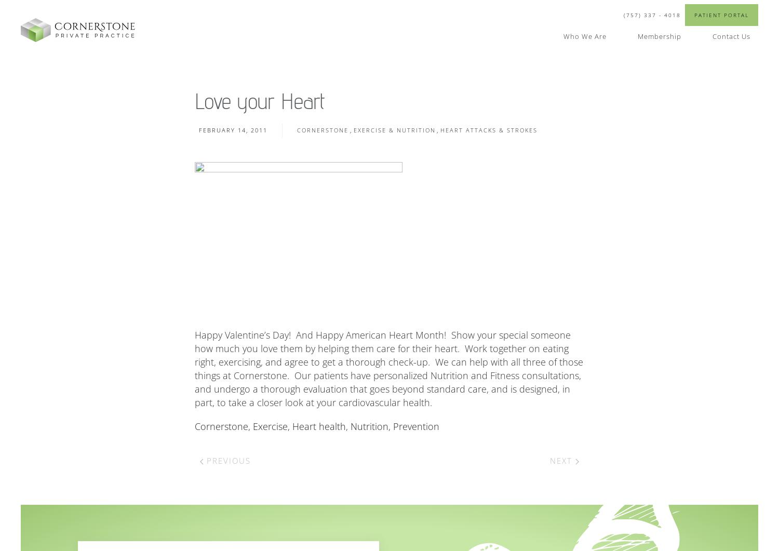  Describe the element at coordinates (394, 129) in the screenshot. I see `'Exercise & Nutrition'` at that location.